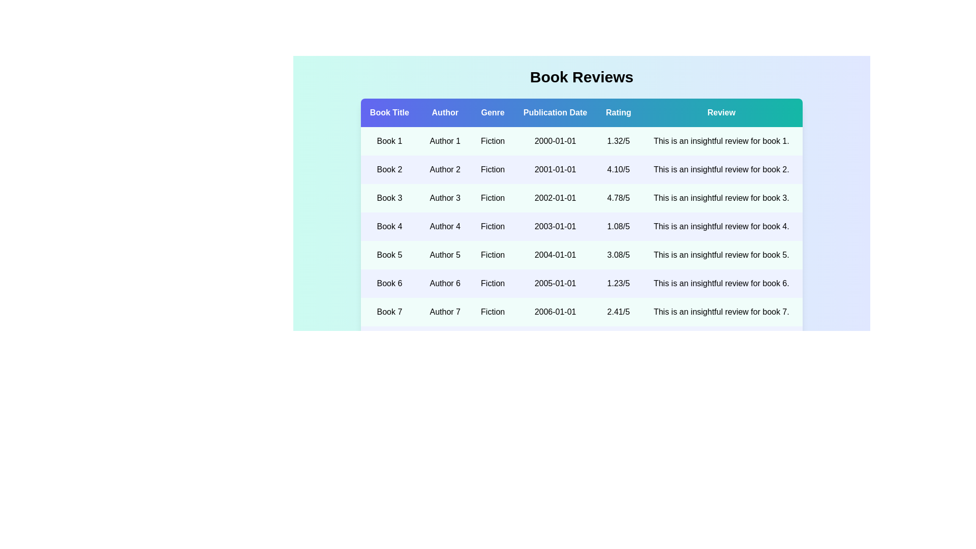 Image resolution: width=976 pixels, height=549 pixels. Describe the element at coordinates (555, 113) in the screenshot. I see `the column header Publication Date to sort the data by that column` at that location.